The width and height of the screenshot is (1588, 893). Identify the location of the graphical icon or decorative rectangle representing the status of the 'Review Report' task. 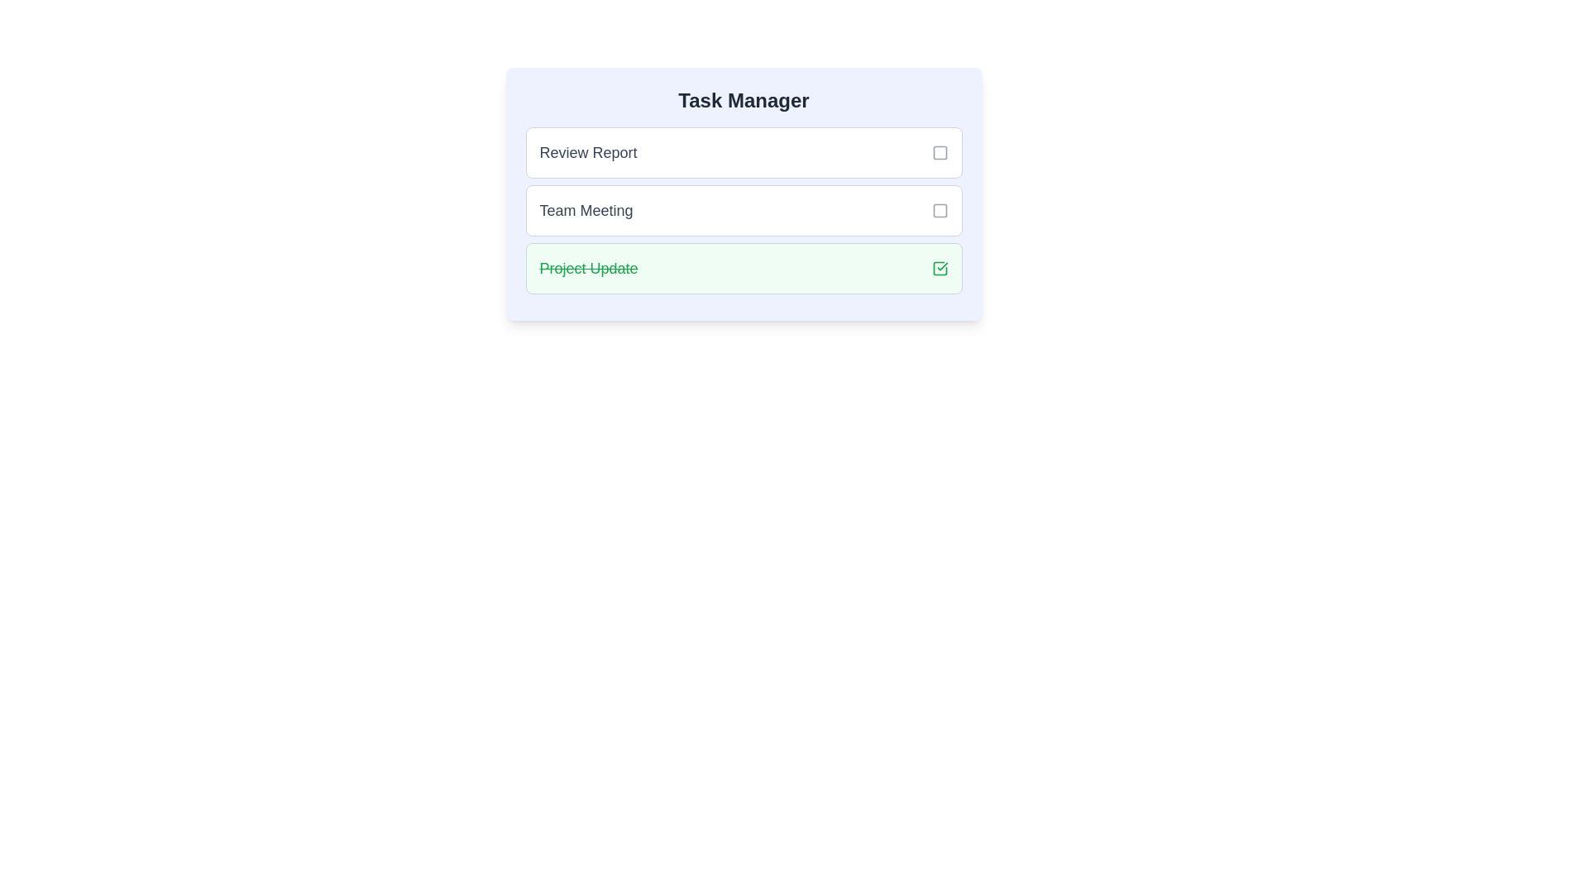
(940, 153).